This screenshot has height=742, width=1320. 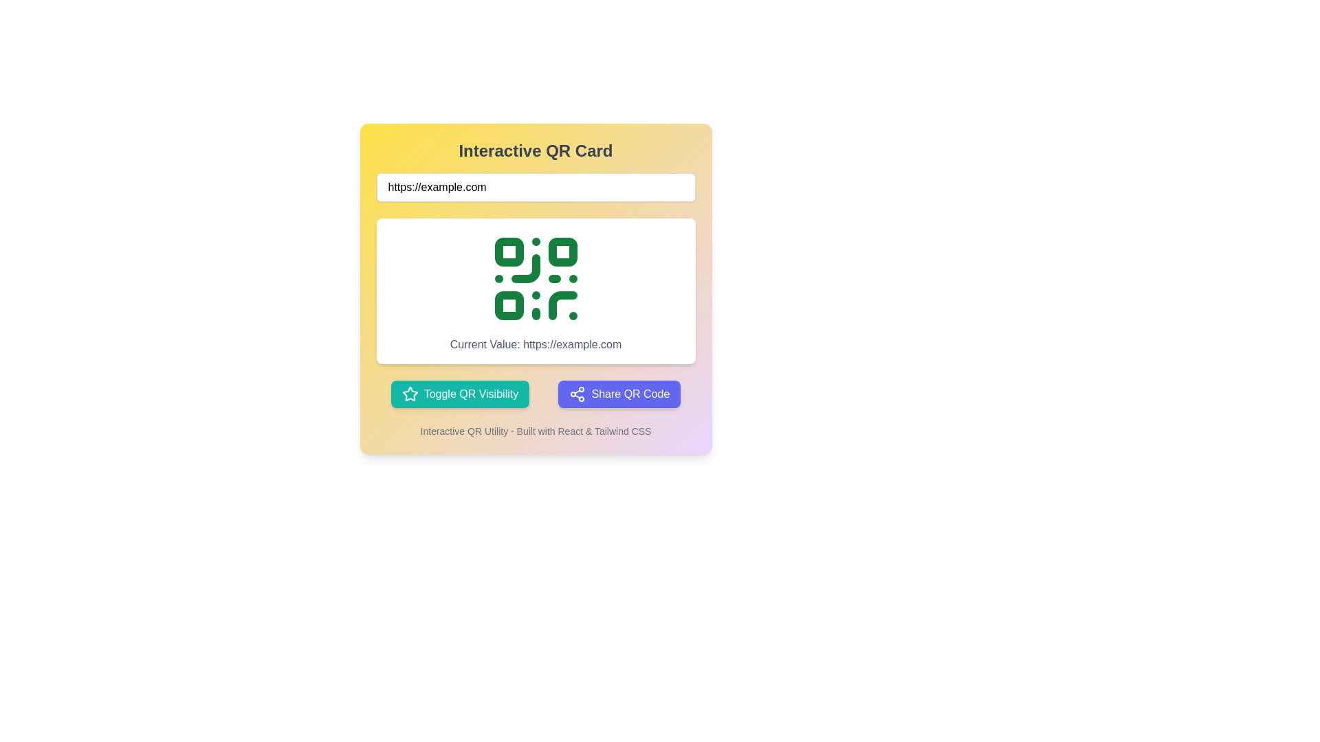 What do you see at coordinates (409, 394) in the screenshot?
I see `the star-shaped SVG icon located near the bottom right corner of the interface, which is part of a rating or selection system` at bounding box center [409, 394].